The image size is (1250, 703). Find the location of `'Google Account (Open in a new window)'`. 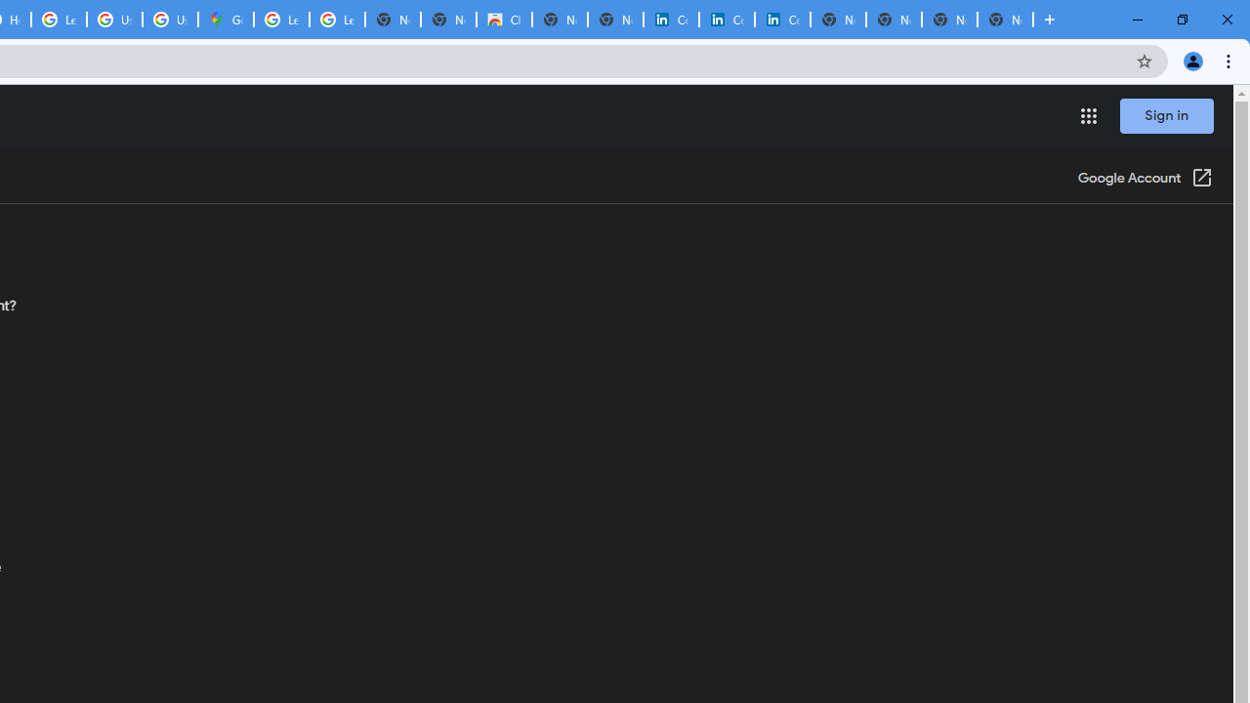

'Google Account (Open in a new window)' is located at coordinates (1146, 179).